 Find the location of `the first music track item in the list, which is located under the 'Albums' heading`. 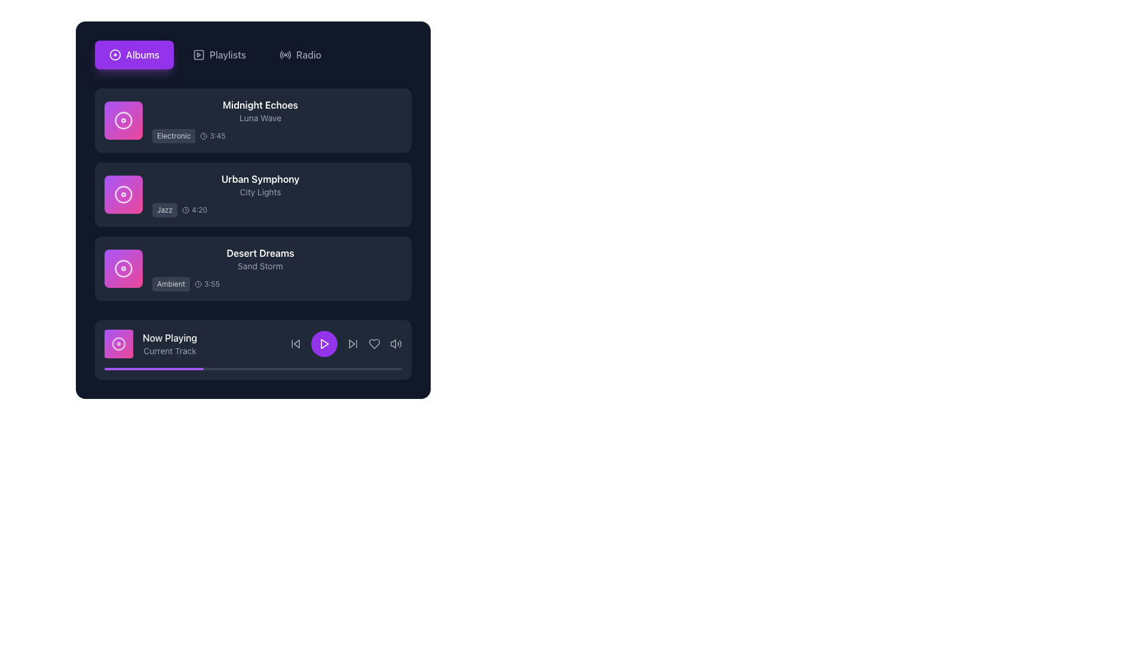

the first music track item in the list, which is located under the 'Albums' heading is located at coordinates (252, 120).